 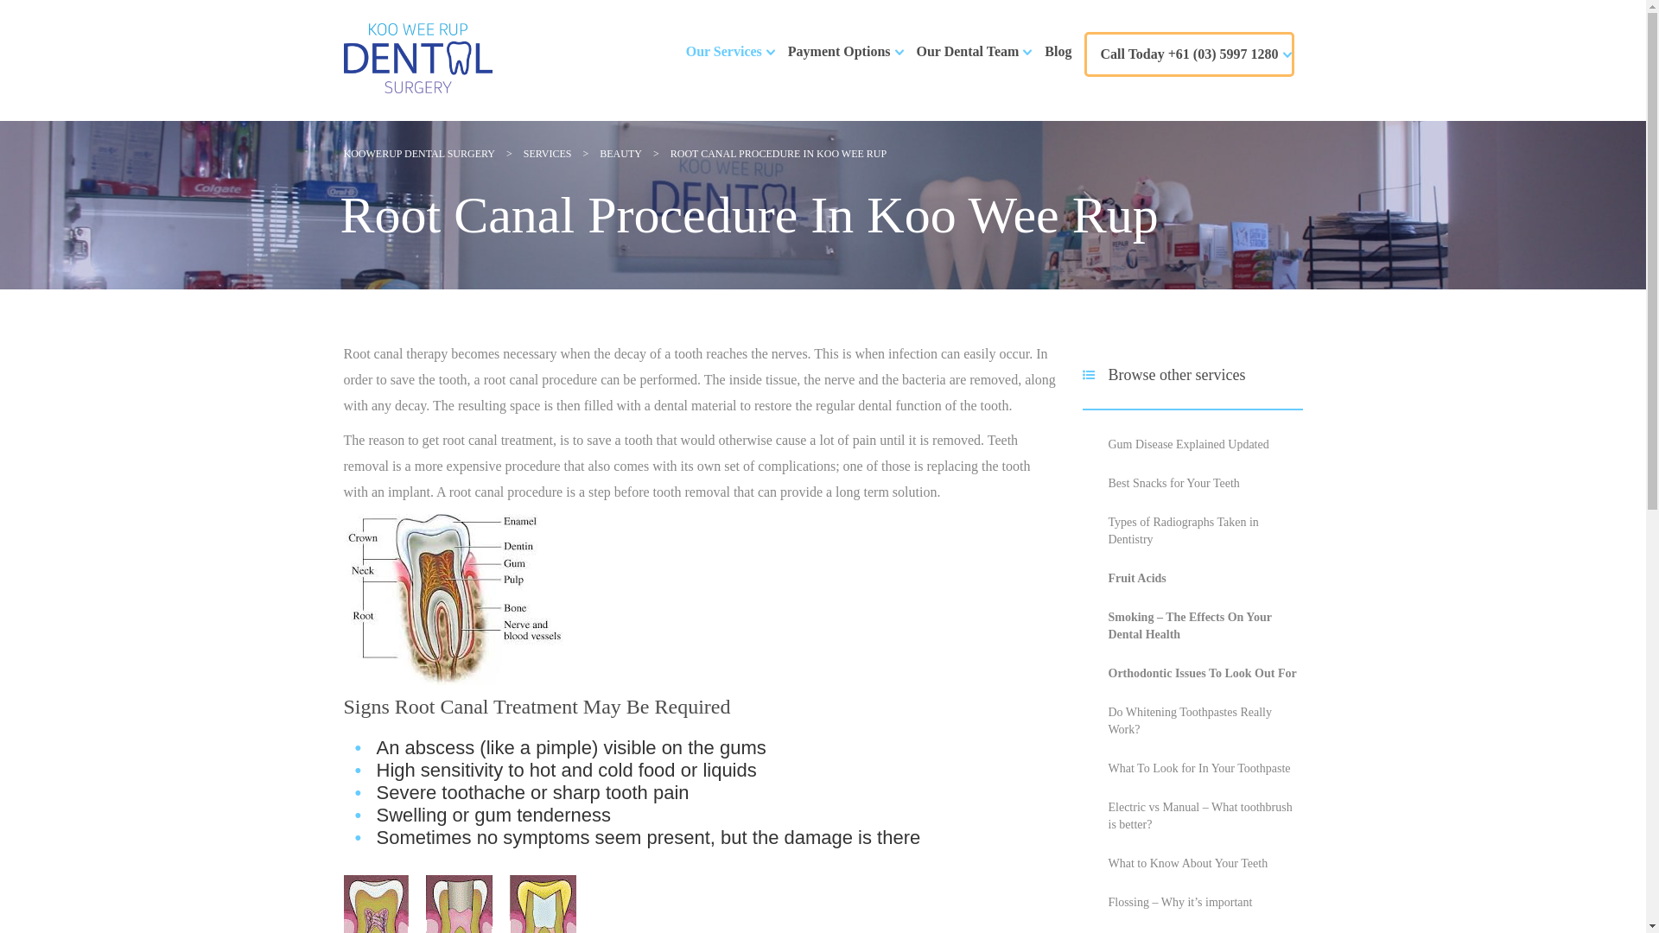 What do you see at coordinates (1173, 483) in the screenshot?
I see `'Best Snacks for Your Teeth'` at bounding box center [1173, 483].